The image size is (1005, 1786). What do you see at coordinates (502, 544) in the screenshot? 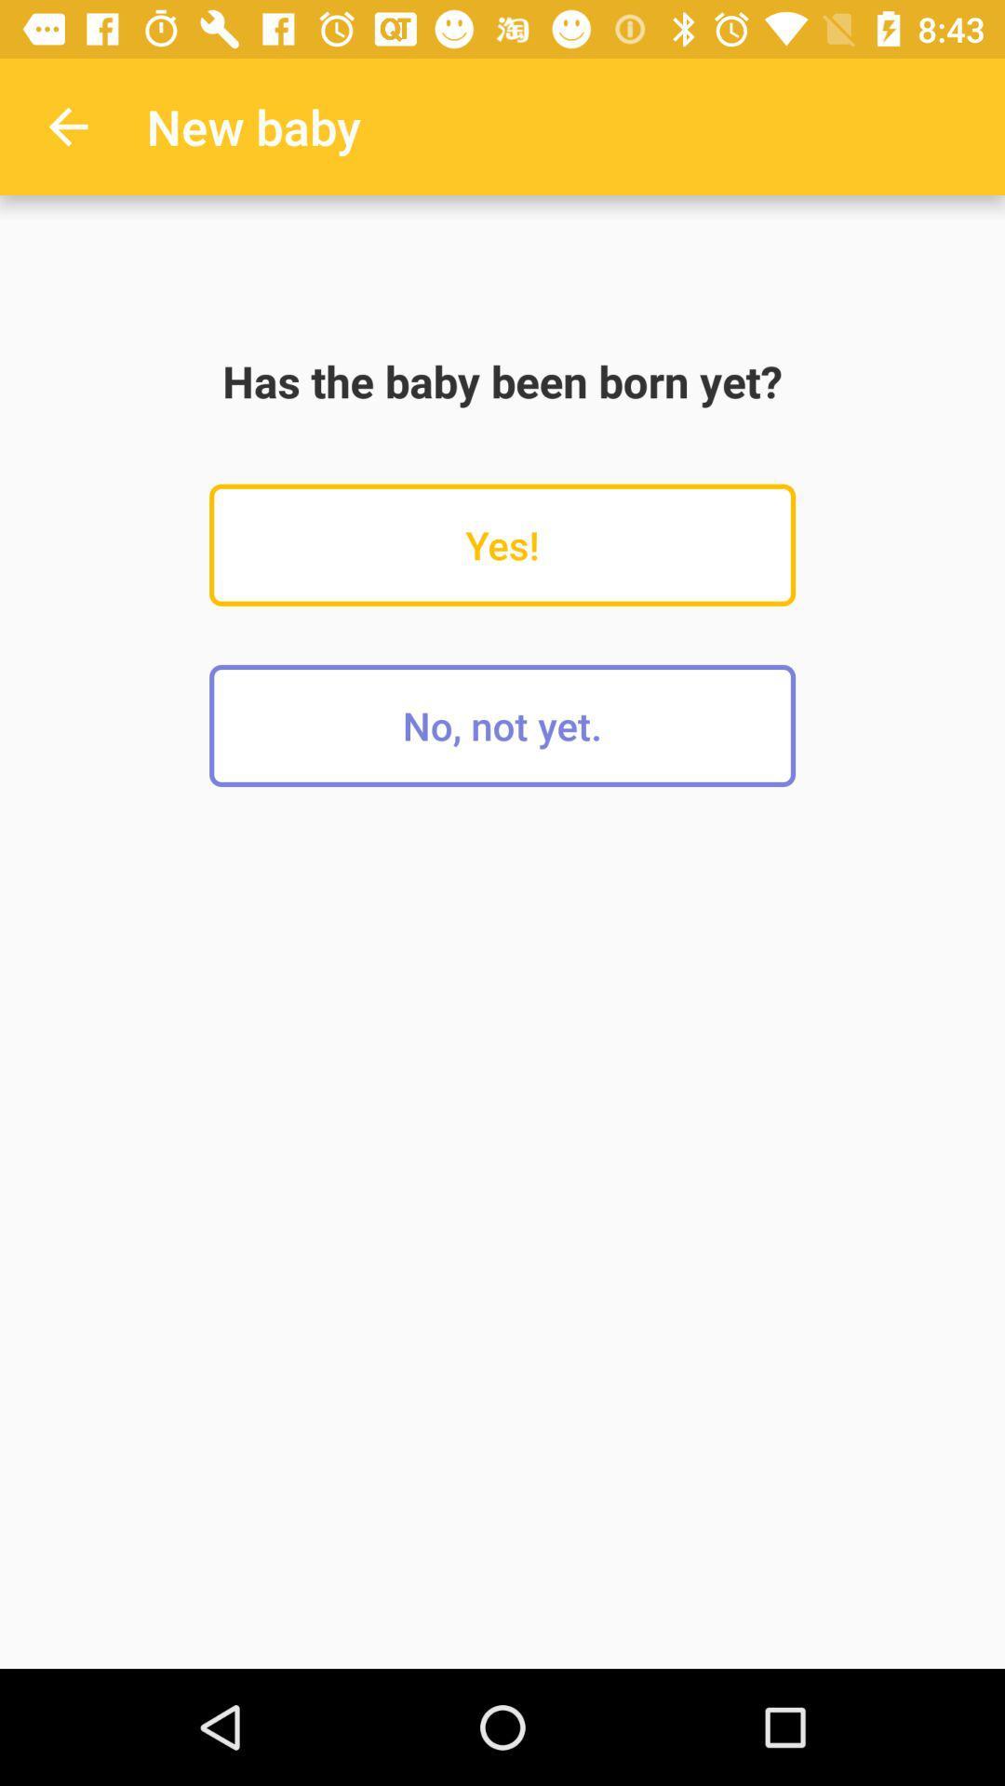
I see `the item above the no, not yet.` at bounding box center [502, 544].